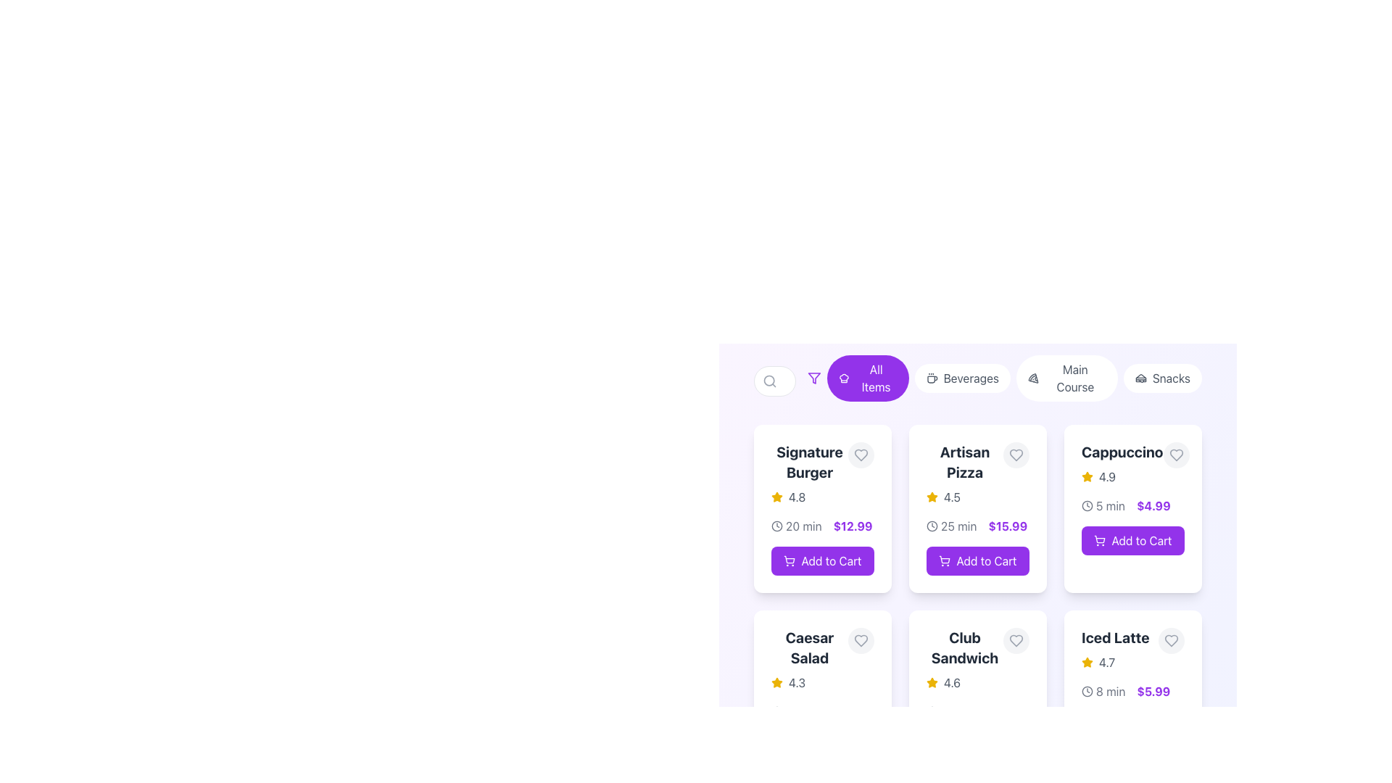  What do you see at coordinates (1132, 464) in the screenshot?
I see `title and rating information from the cappuccino item display located at the top section of the card in the rightmost column` at bounding box center [1132, 464].